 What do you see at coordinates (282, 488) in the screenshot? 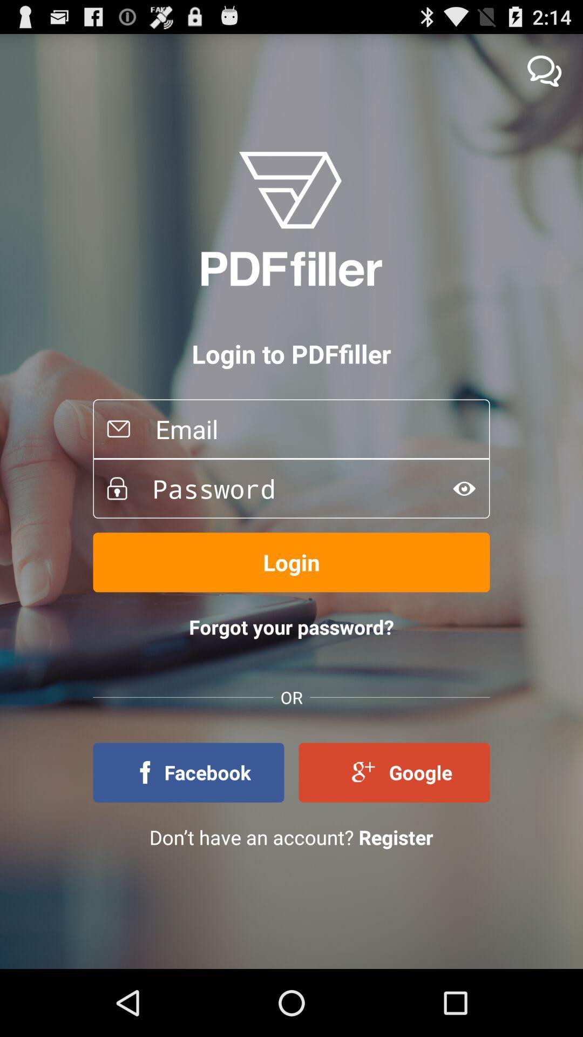
I see `password` at bounding box center [282, 488].